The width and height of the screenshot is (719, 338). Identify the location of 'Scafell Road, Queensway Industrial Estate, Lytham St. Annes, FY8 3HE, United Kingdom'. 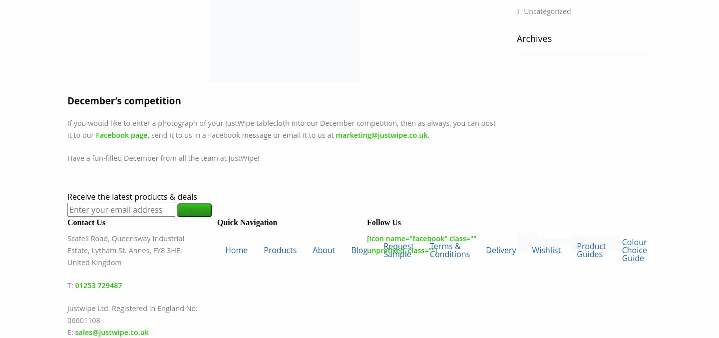
(125, 250).